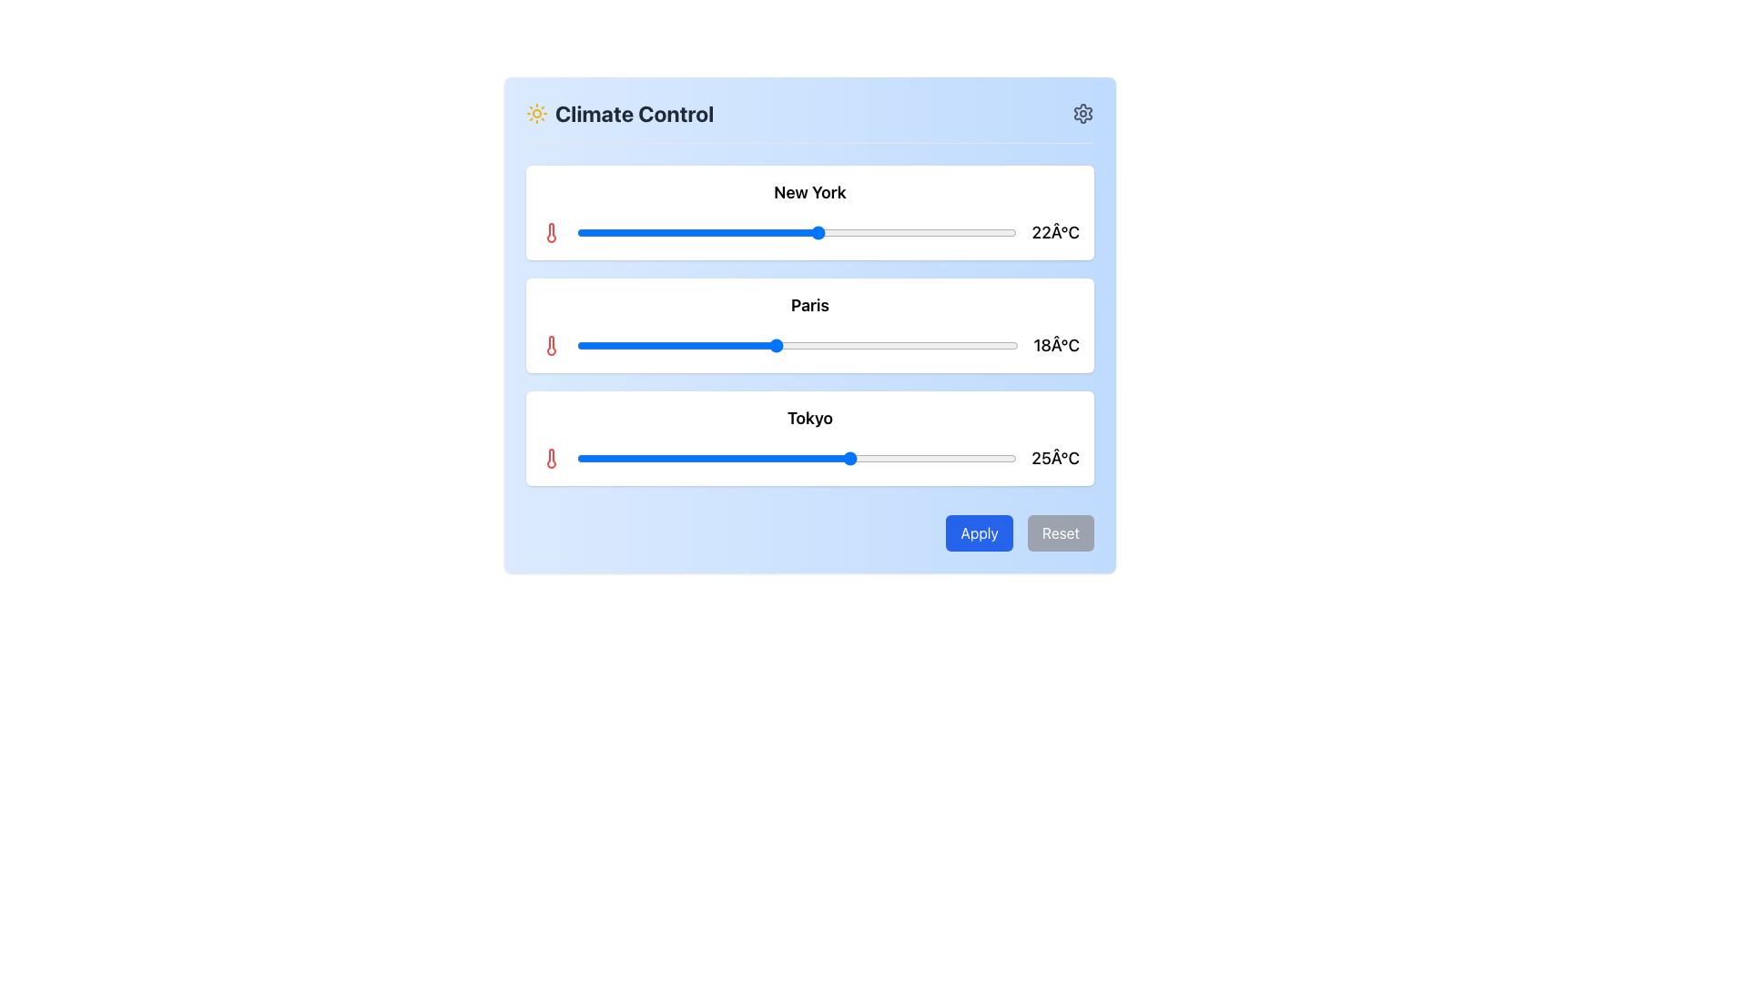 The width and height of the screenshot is (1748, 983). I want to click on the temperature value, so click(742, 231).